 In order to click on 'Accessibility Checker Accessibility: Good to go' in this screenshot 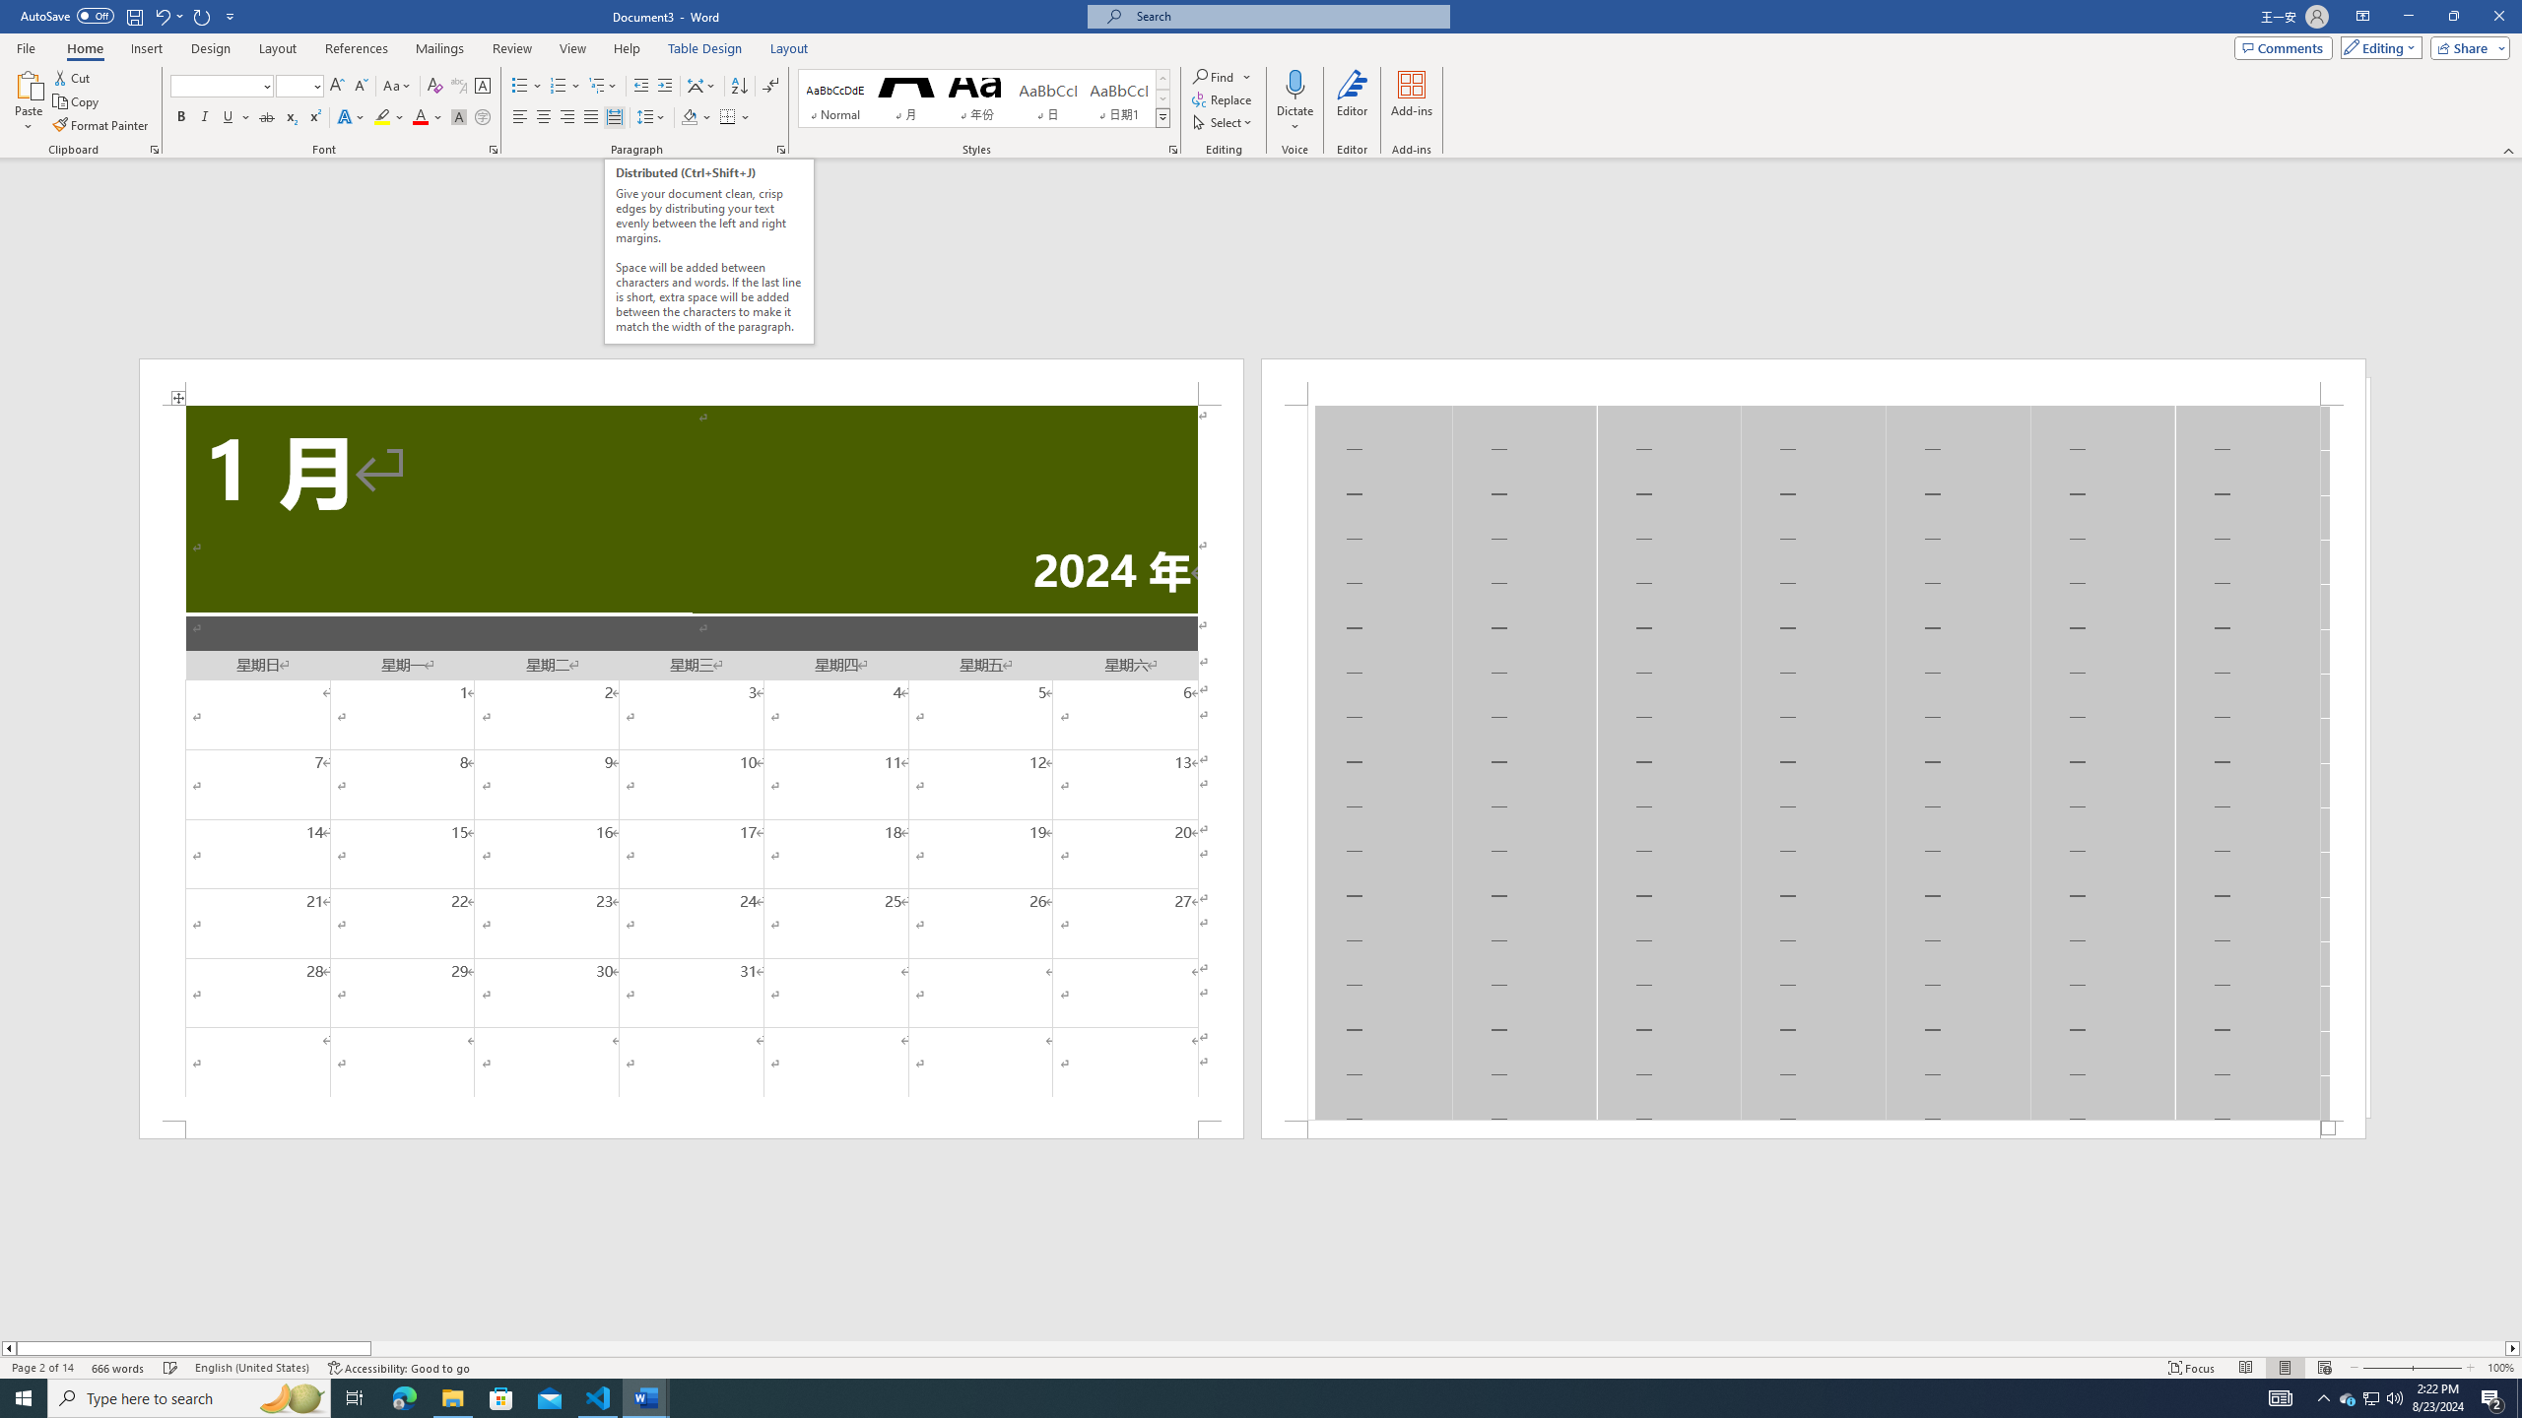, I will do `click(398, 1368)`.